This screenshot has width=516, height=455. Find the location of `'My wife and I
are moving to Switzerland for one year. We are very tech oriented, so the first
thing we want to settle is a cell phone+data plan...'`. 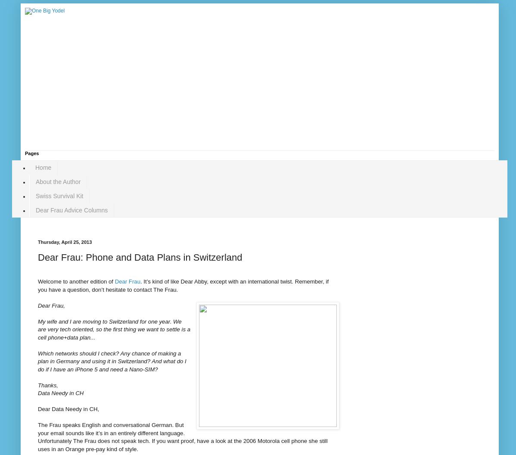

'My wife and I
are moving to Switzerland for one year. We are very tech oriented, so the first
thing we want to settle is a cell phone+data plan...' is located at coordinates (114, 329).